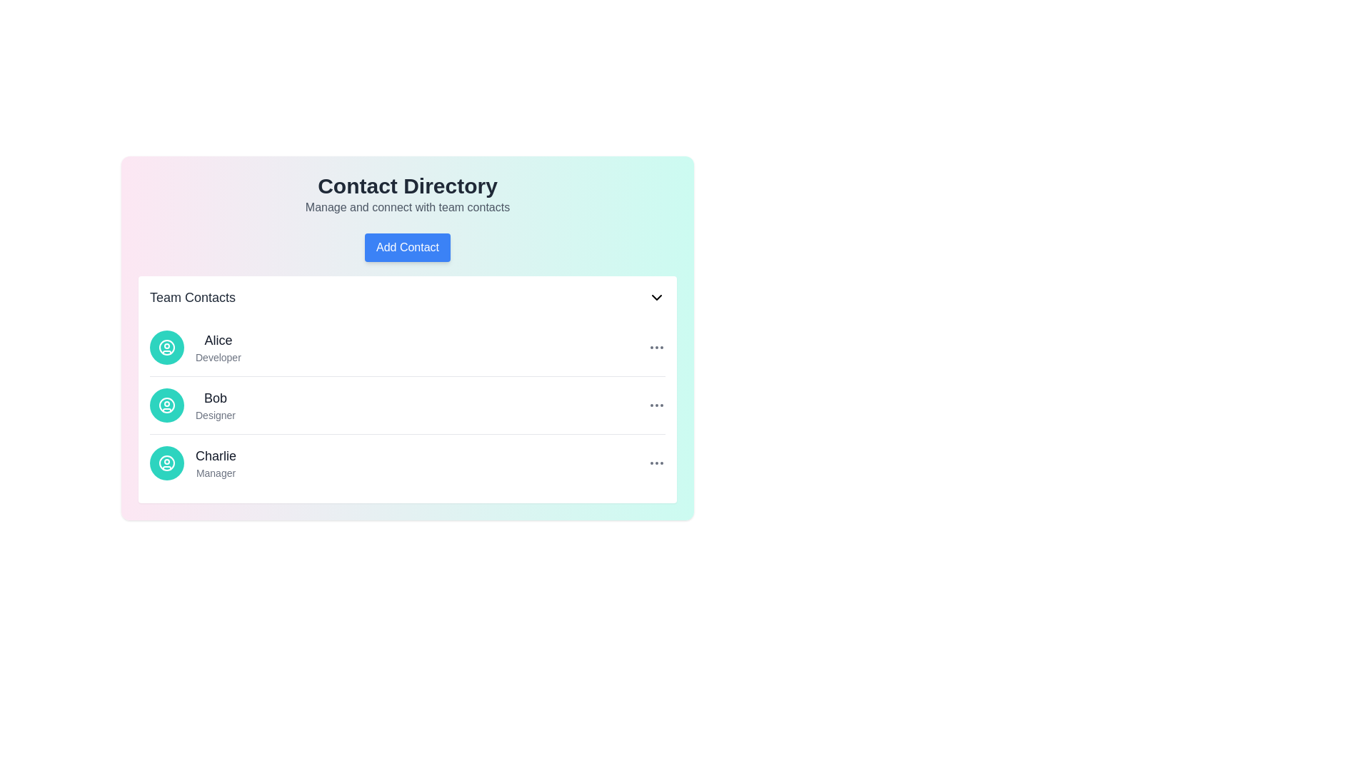 The image size is (1371, 771). Describe the element at coordinates (656, 405) in the screenshot. I see `the vertical ellipsis icon button located at the far-right side of the 'Bob' entry in the 'Team Contacts' section` at that location.